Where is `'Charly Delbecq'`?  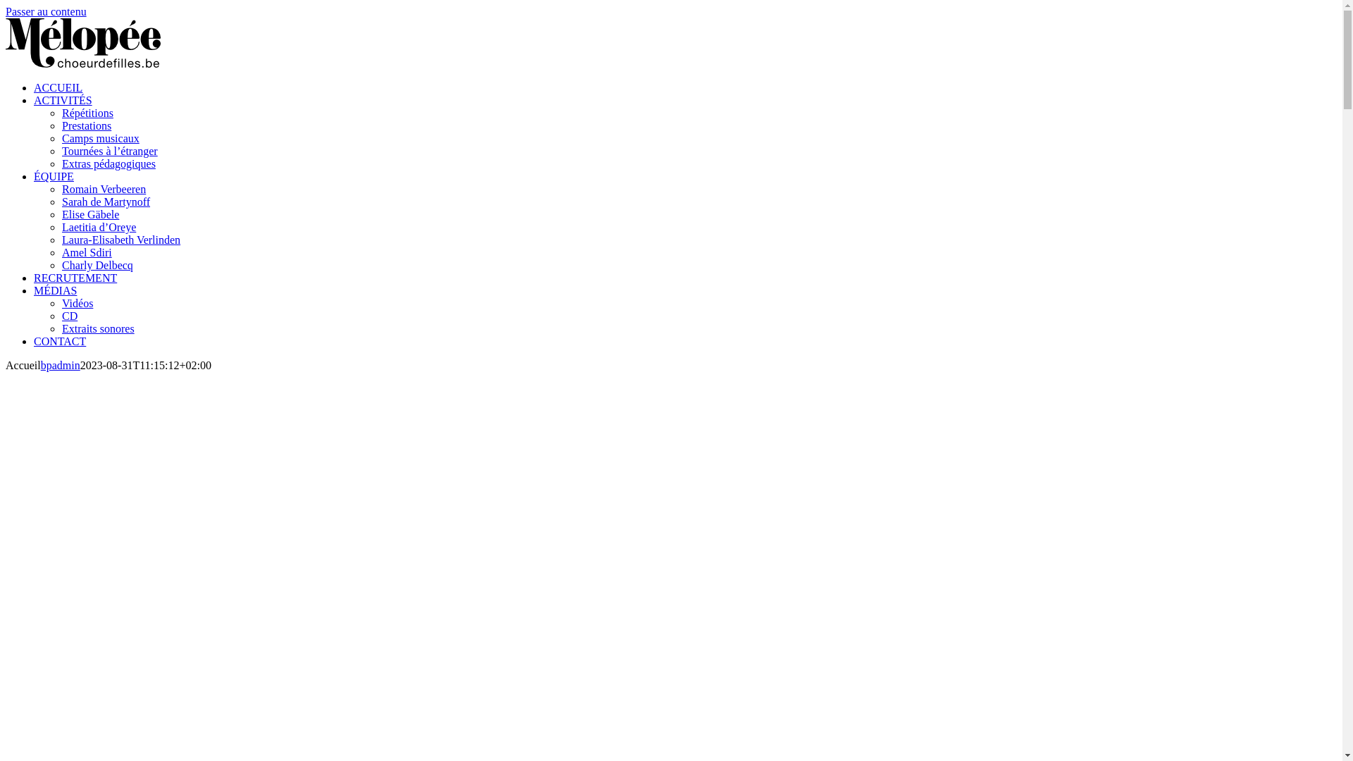
'Charly Delbecq' is located at coordinates (97, 265).